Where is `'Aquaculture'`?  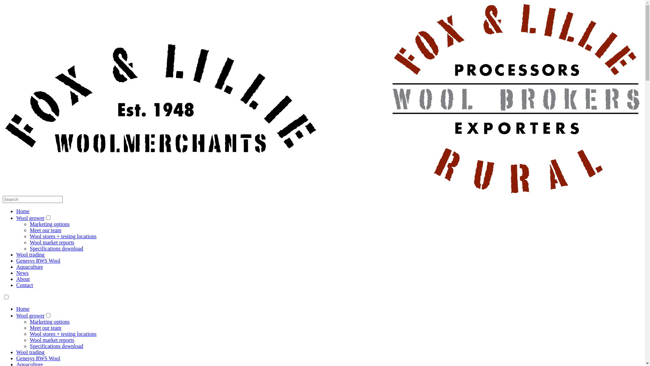 'Aquaculture' is located at coordinates (29, 266).